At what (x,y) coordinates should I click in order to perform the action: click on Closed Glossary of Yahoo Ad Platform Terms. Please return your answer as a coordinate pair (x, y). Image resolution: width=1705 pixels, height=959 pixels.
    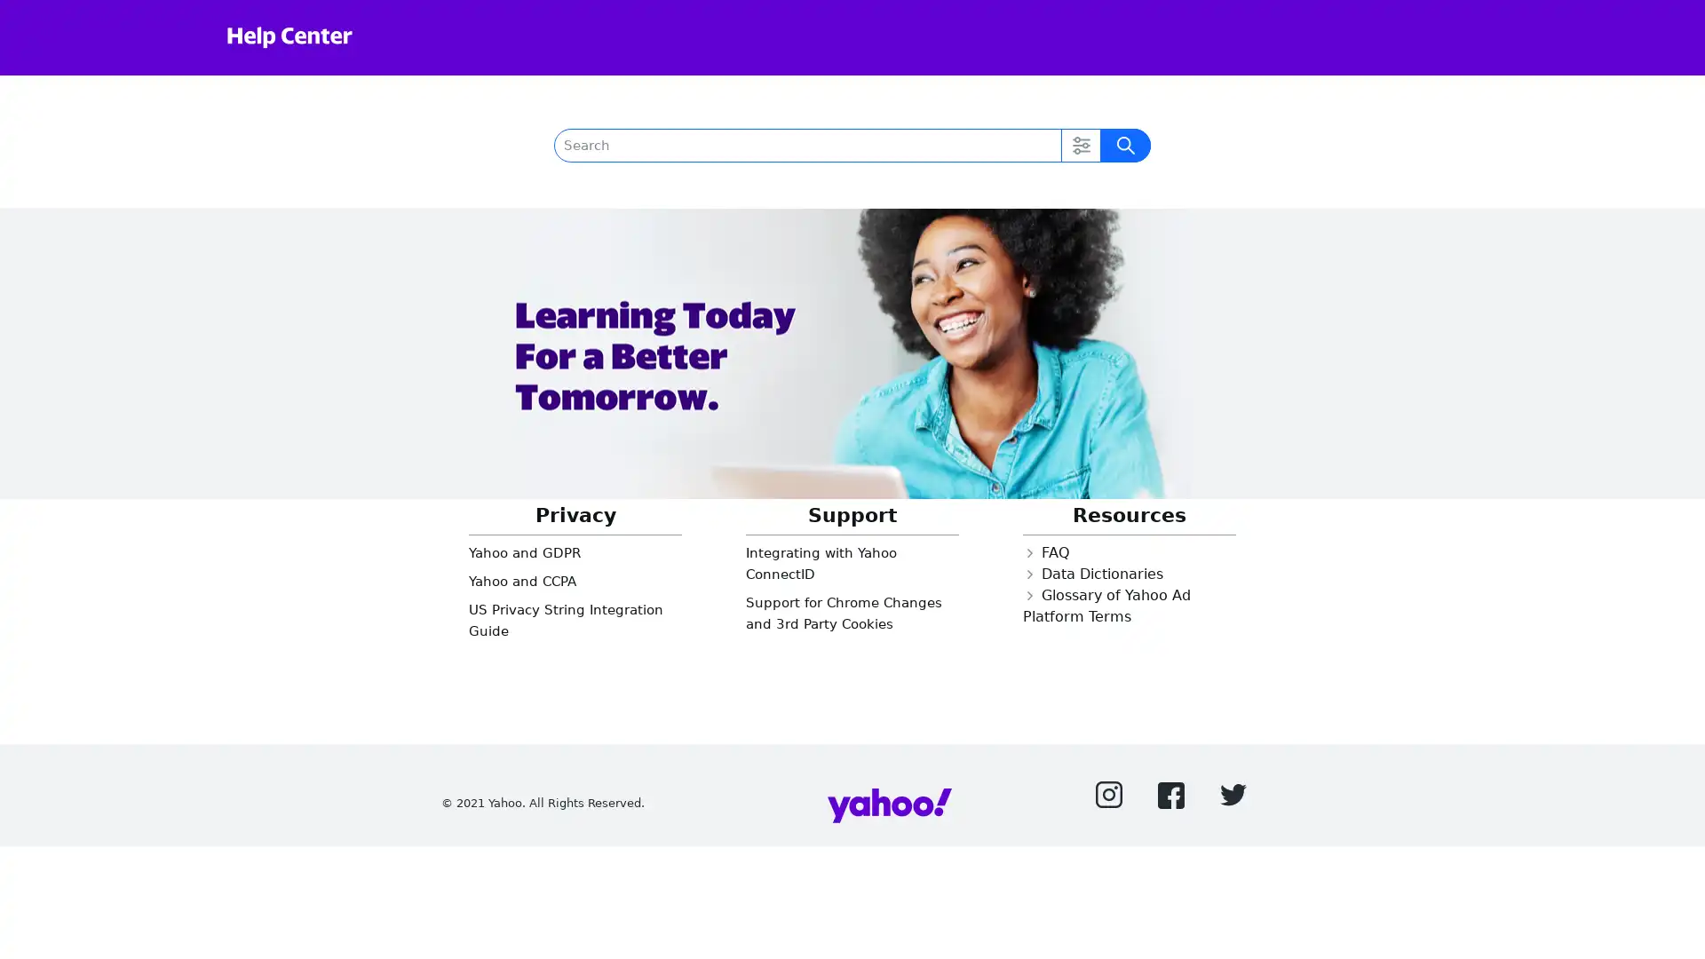
    Looking at the image, I should click on (1106, 605).